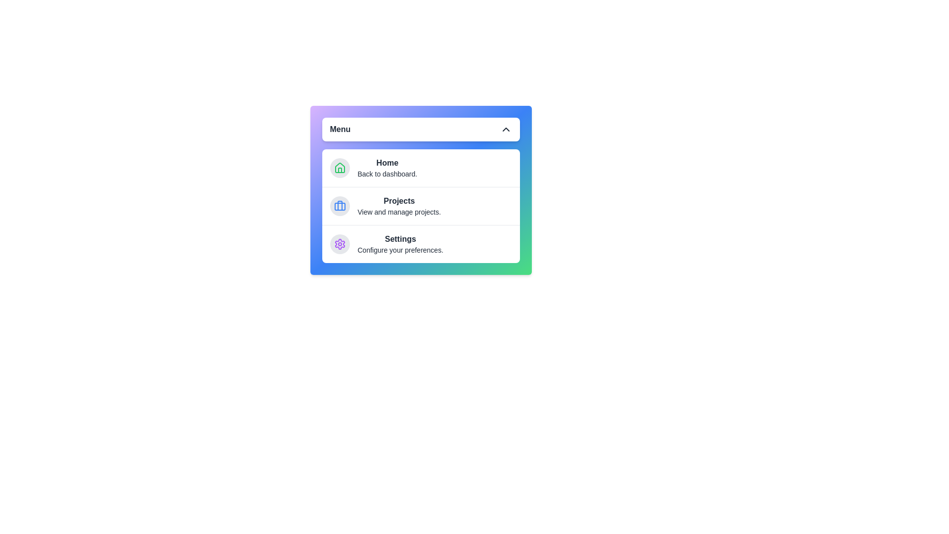 This screenshot has height=534, width=949. I want to click on the menu item Settings to see its hover effect, so click(421, 244).